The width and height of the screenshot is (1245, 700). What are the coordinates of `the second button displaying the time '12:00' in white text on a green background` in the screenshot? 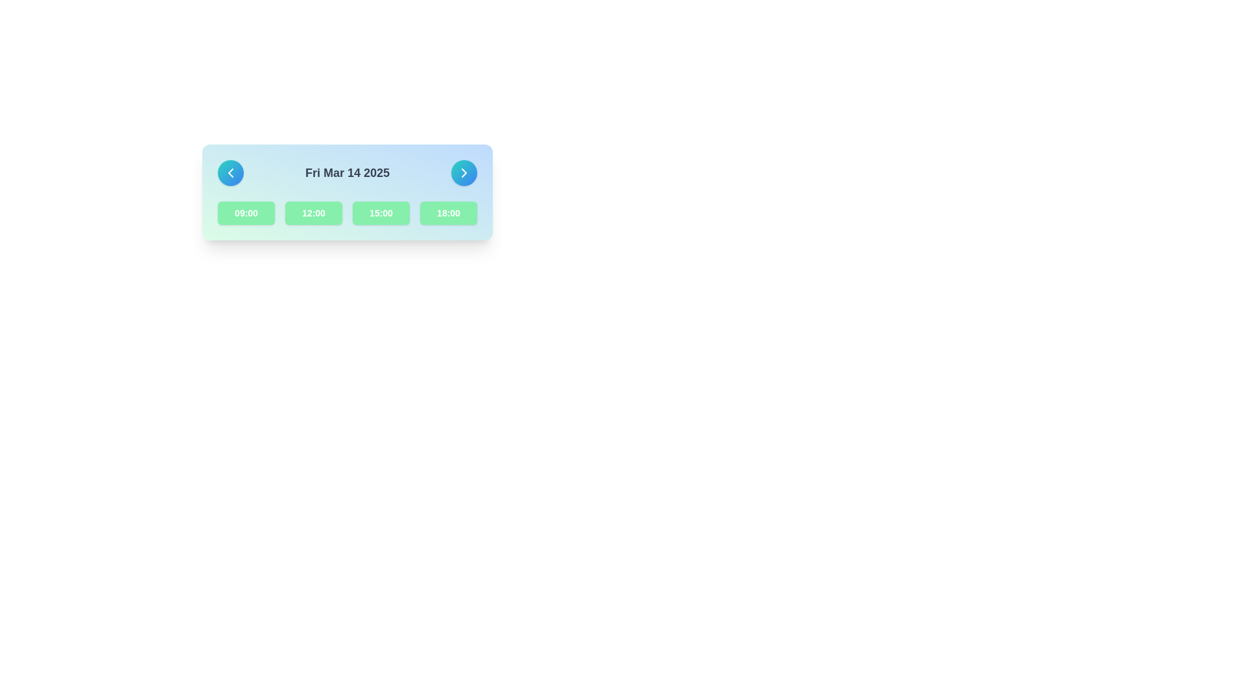 It's located at (314, 212).